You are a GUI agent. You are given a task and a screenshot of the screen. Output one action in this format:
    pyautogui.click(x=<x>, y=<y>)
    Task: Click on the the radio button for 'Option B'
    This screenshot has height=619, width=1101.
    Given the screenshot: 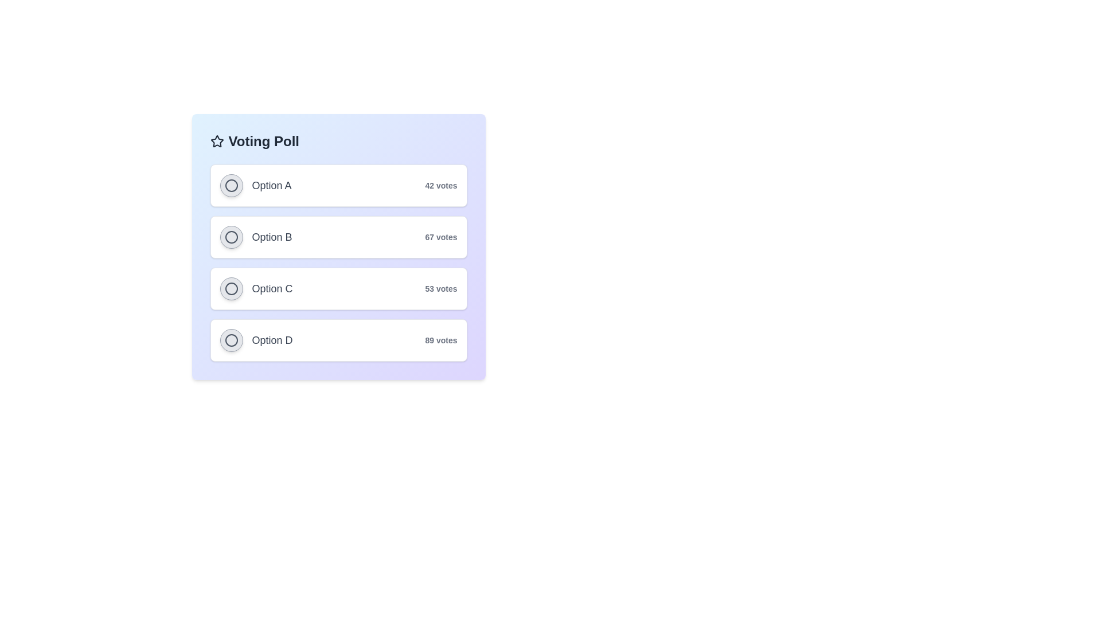 What is the action you would take?
    pyautogui.click(x=231, y=236)
    